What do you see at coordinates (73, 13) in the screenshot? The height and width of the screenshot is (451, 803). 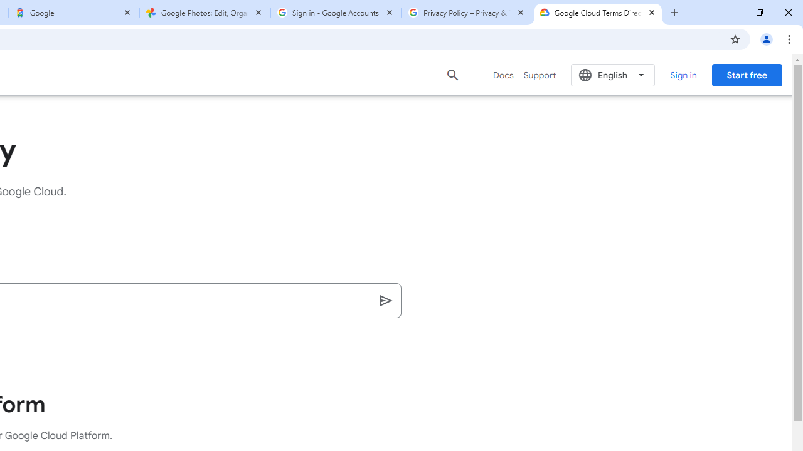 I see `'Google'` at bounding box center [73, 13].